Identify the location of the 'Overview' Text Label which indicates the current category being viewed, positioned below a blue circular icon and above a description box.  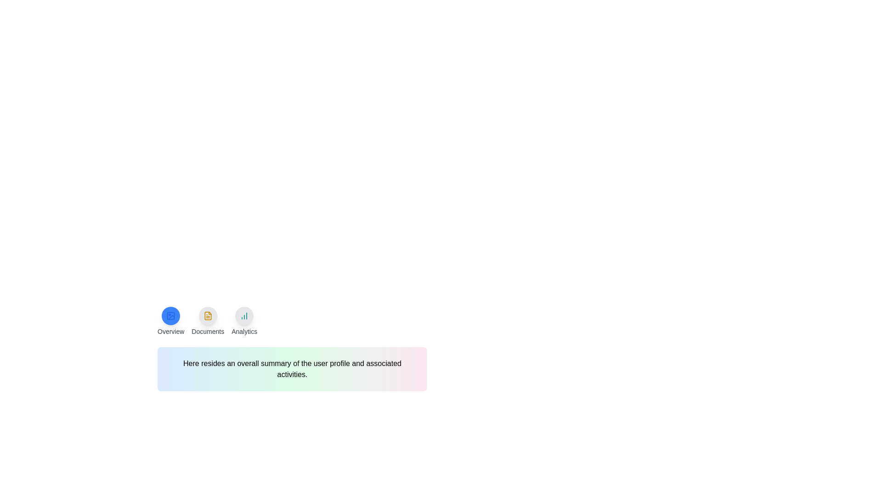
(171, 331).